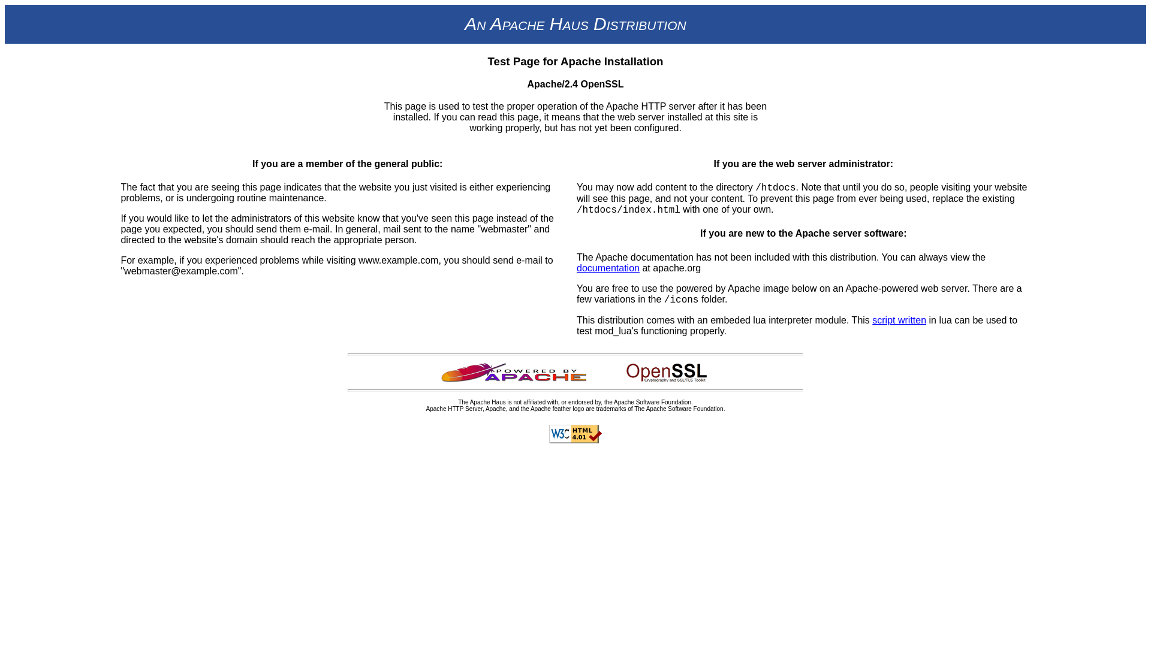 This screenshot has height=647, width=1151. What do you see at coordinates (608, 267) in the screenshot?
I see `'documentation'` at bounding box center [608, 267].